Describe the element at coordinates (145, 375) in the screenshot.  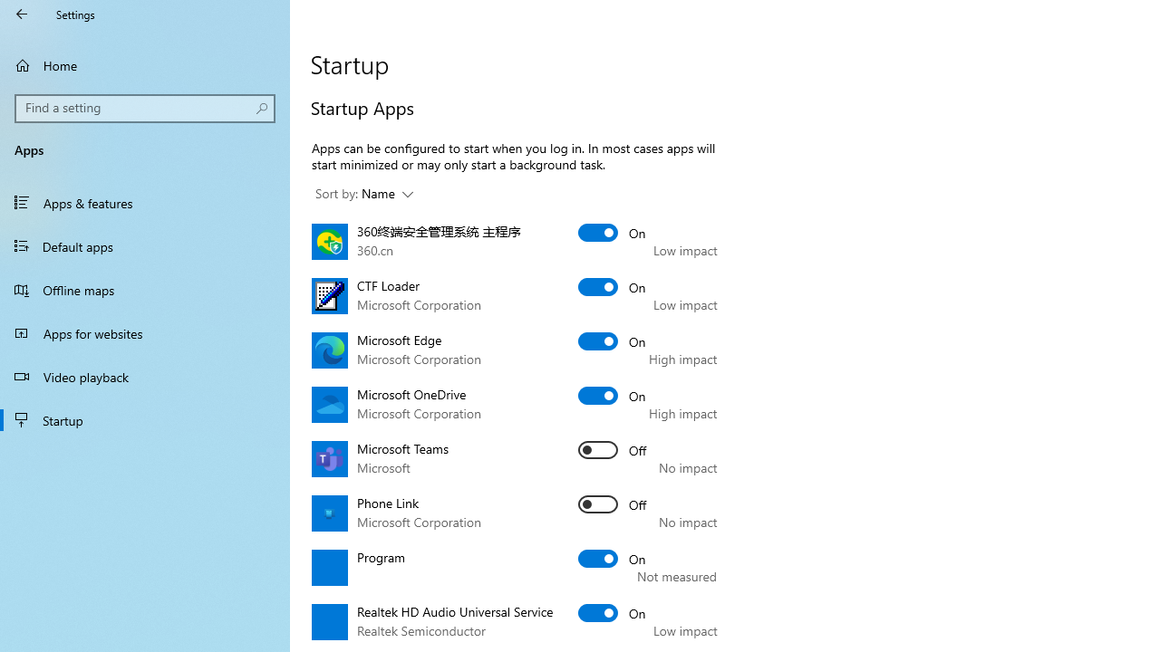
I see `'Video playback'` at that location.